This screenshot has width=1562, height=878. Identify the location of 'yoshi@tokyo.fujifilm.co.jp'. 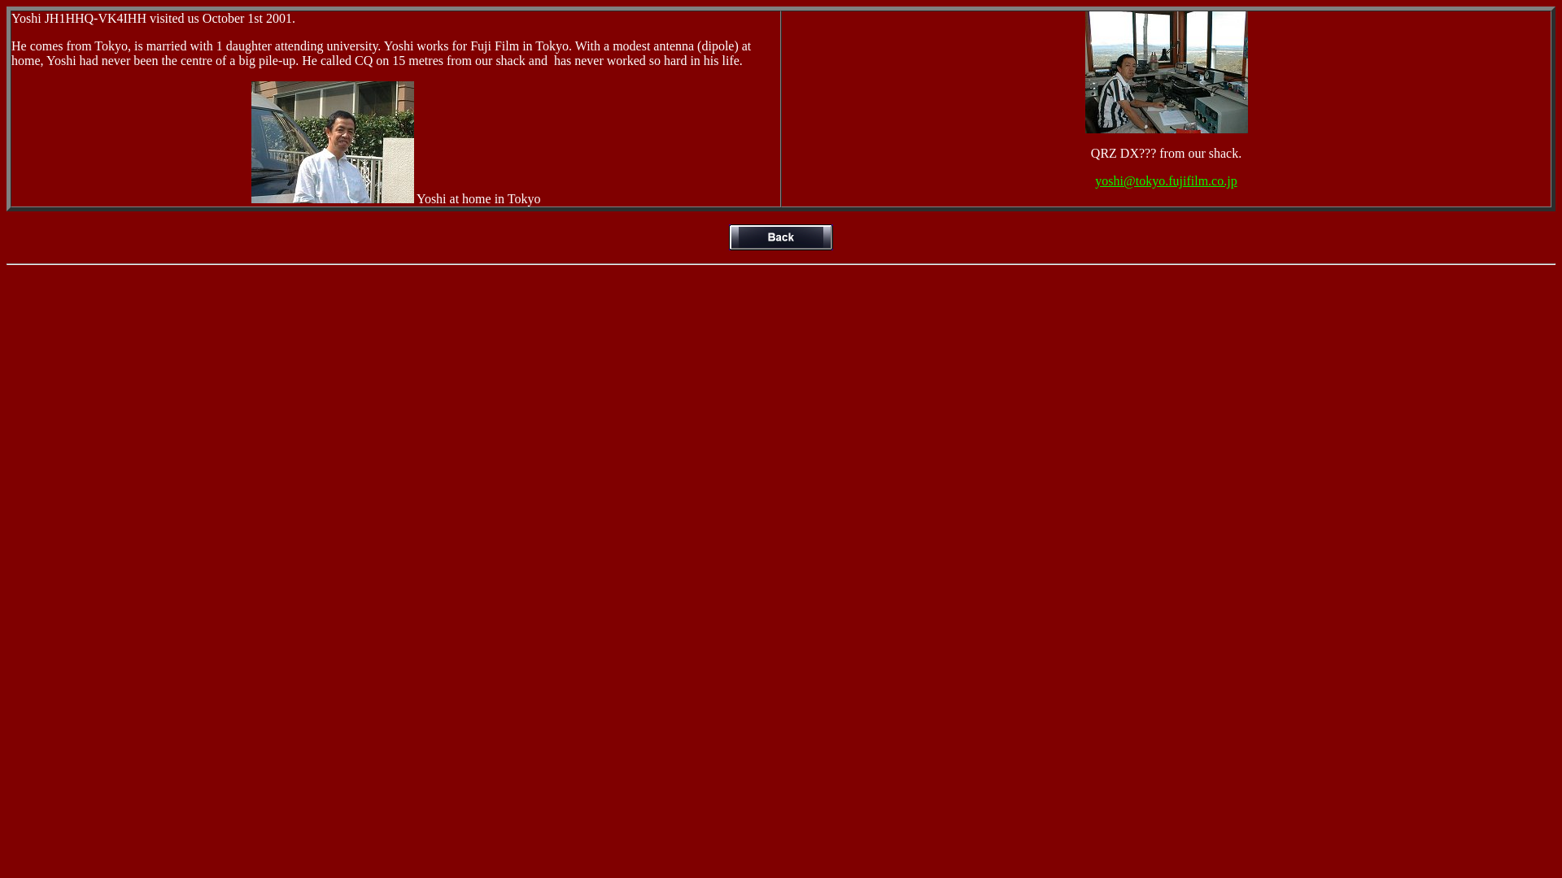
(1165, 180).